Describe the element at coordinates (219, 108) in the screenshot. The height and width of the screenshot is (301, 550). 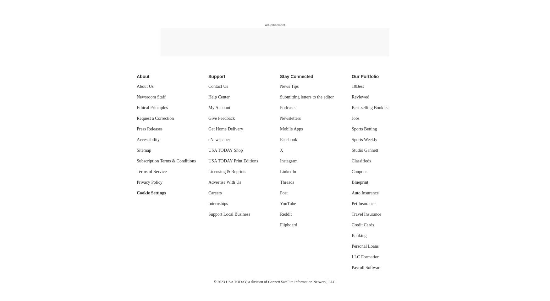
I see `'My Account'` at that location.